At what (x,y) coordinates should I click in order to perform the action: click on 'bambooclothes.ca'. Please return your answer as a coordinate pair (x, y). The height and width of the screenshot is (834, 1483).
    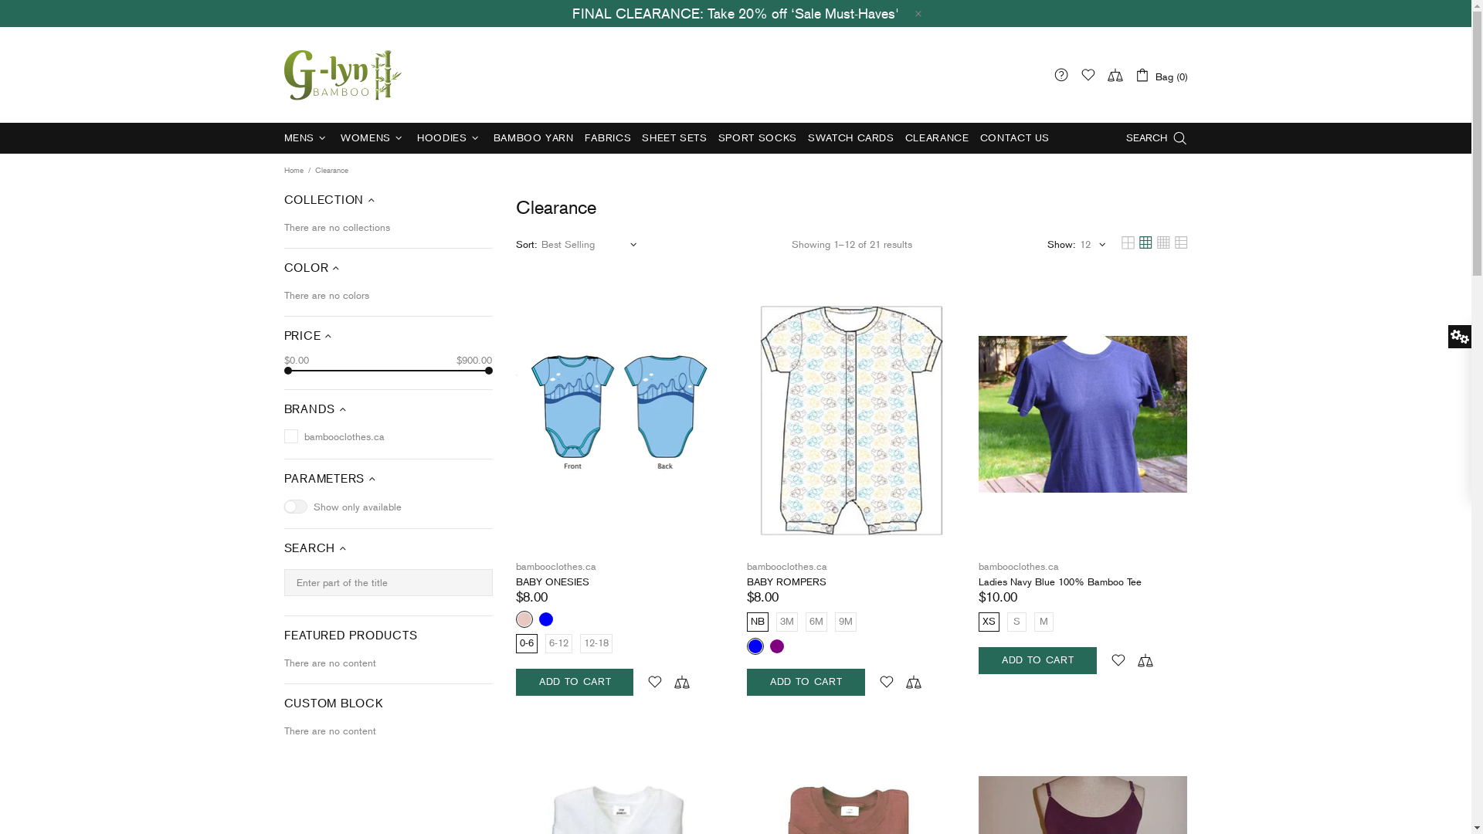
    Looking at the image, I should click on (343, 74).